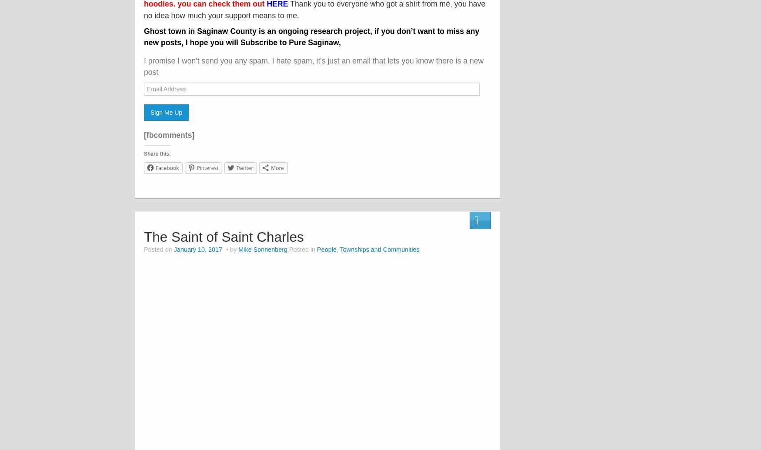 The width and height of the screenshot is (761, 450). What do you see at coordinates (159, 249) in the screenshot?
I see `'Posted on'` at bounding box center [159, 249].